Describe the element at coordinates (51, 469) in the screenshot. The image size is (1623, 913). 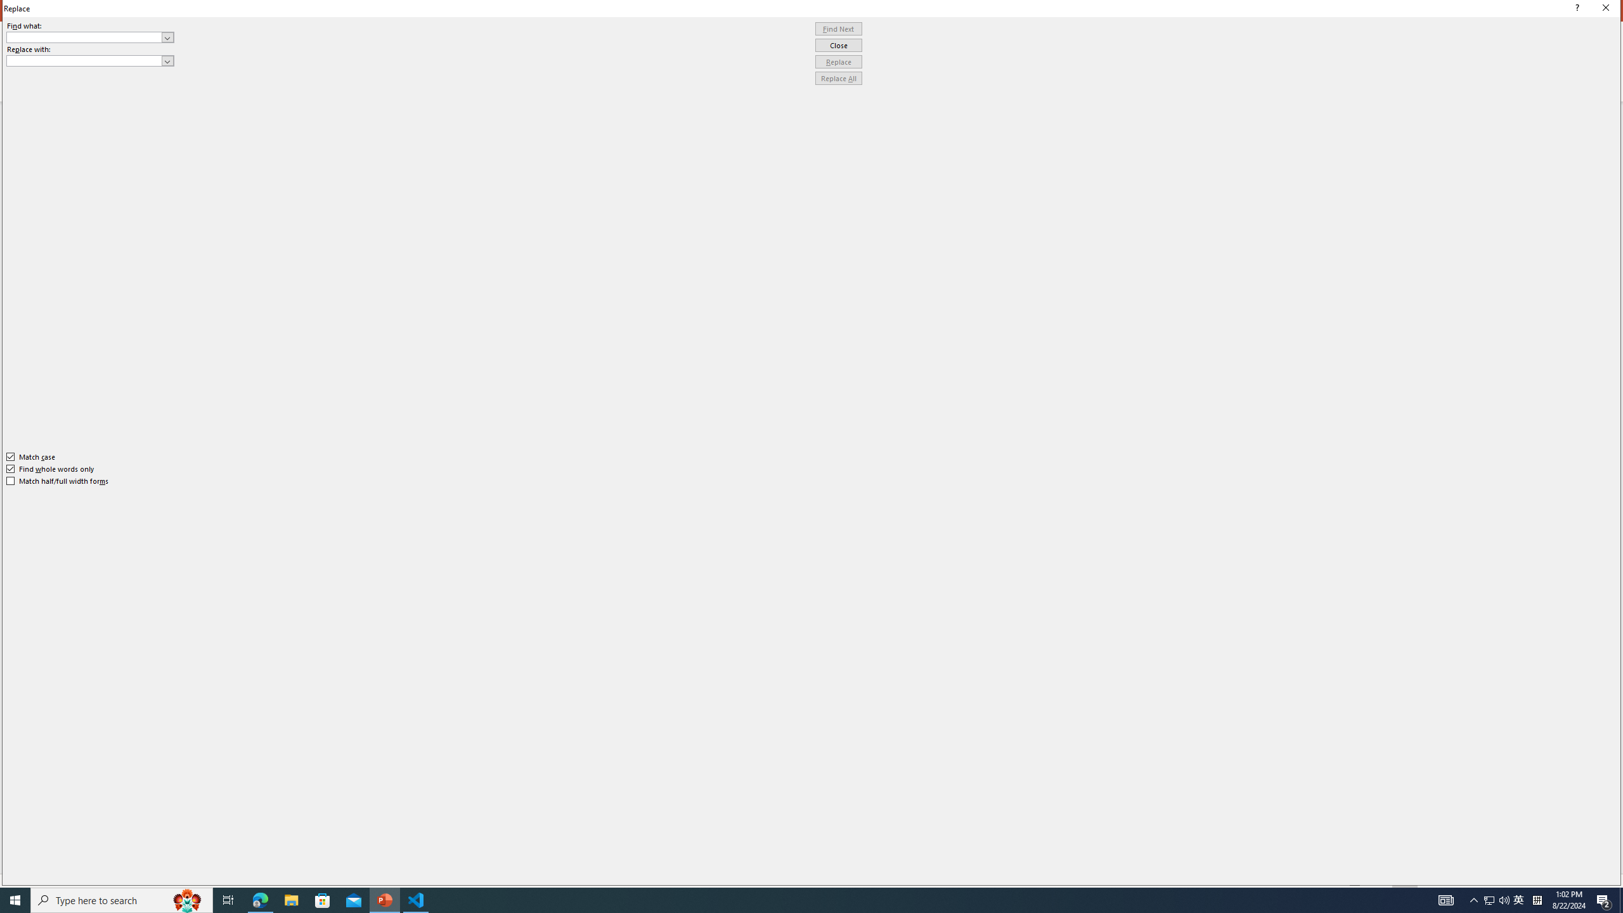
I see `'Find whole words only'` at that location.